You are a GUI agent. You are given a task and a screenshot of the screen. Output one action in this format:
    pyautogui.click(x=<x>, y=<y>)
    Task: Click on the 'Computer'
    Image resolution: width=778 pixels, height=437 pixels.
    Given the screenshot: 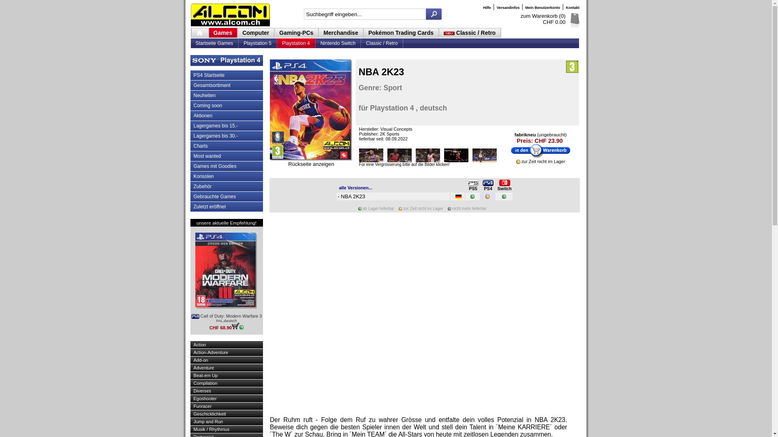 What is the action you would take?
    pyautogui.click(x=255, y=32)
    